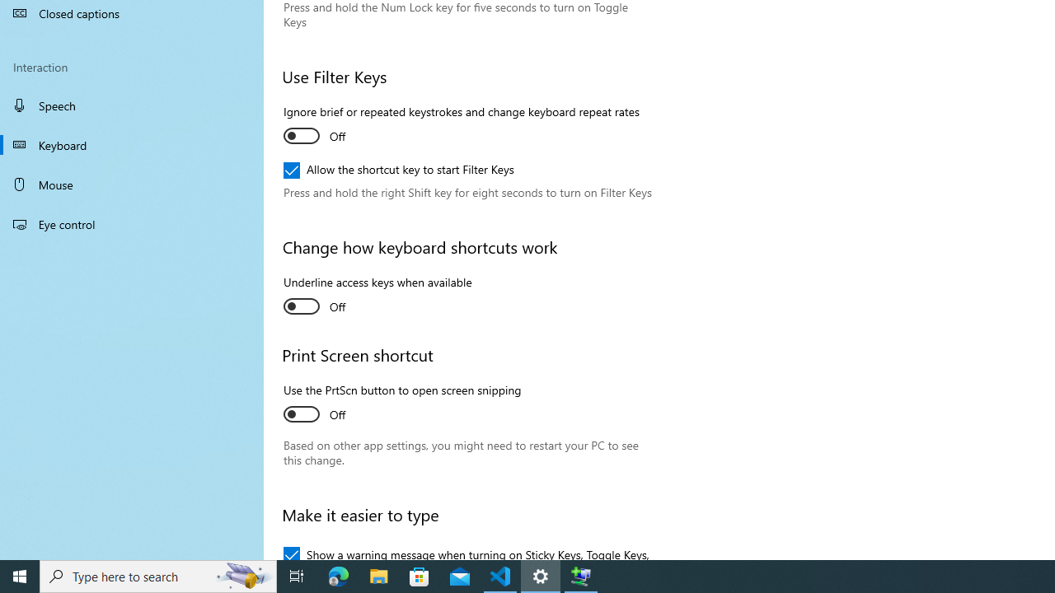  Describe the element at coordinates (158, 575) in the screenshot. I see `'Type here to search'` at that location.